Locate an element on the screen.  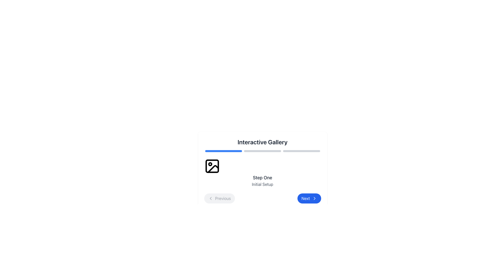
the second segment of the progress indicator, which is located just below the 'Interactive Gallery' header and between the first blue segment and the third gray segment is located at coordinates (262, 151).